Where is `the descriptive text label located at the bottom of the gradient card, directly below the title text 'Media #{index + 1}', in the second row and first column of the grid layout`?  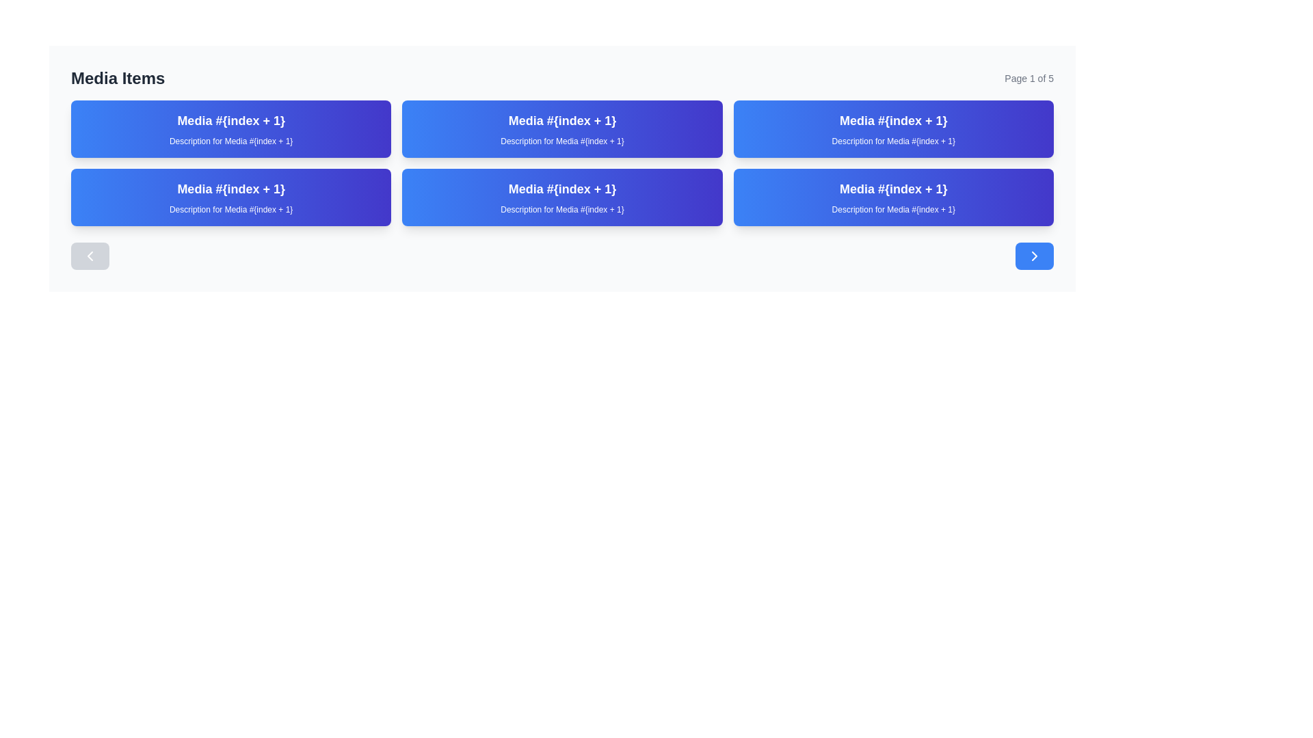 the descriptive text label located at the bottom of the gradient card, directly below the title text 'Media #{index + 1}', in the second row and first column of the grid layout is located at coordinates (231, 210).